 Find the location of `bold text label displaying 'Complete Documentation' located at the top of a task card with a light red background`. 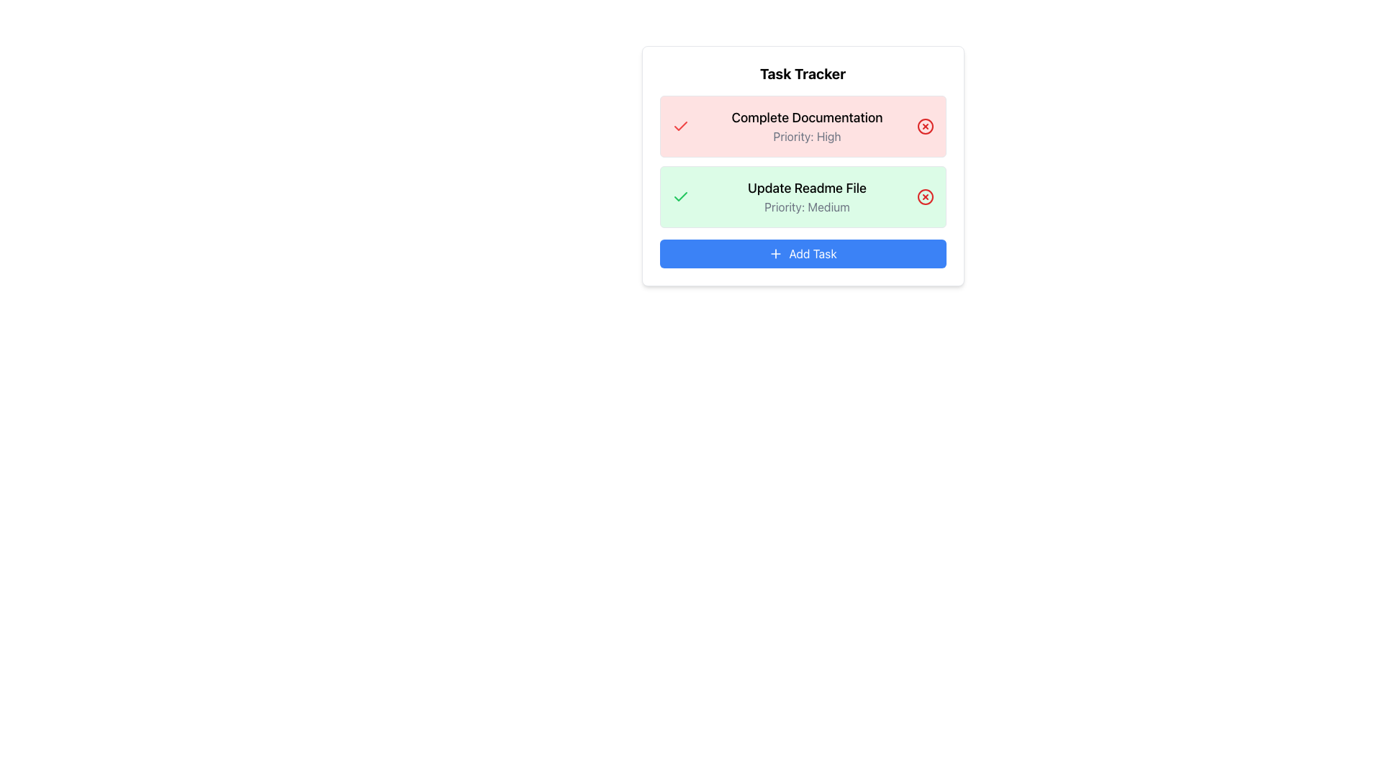

bold text label displaying 'Complete Documentation' located at the top of a task card with a light red background is located at coordinates (807, 117).